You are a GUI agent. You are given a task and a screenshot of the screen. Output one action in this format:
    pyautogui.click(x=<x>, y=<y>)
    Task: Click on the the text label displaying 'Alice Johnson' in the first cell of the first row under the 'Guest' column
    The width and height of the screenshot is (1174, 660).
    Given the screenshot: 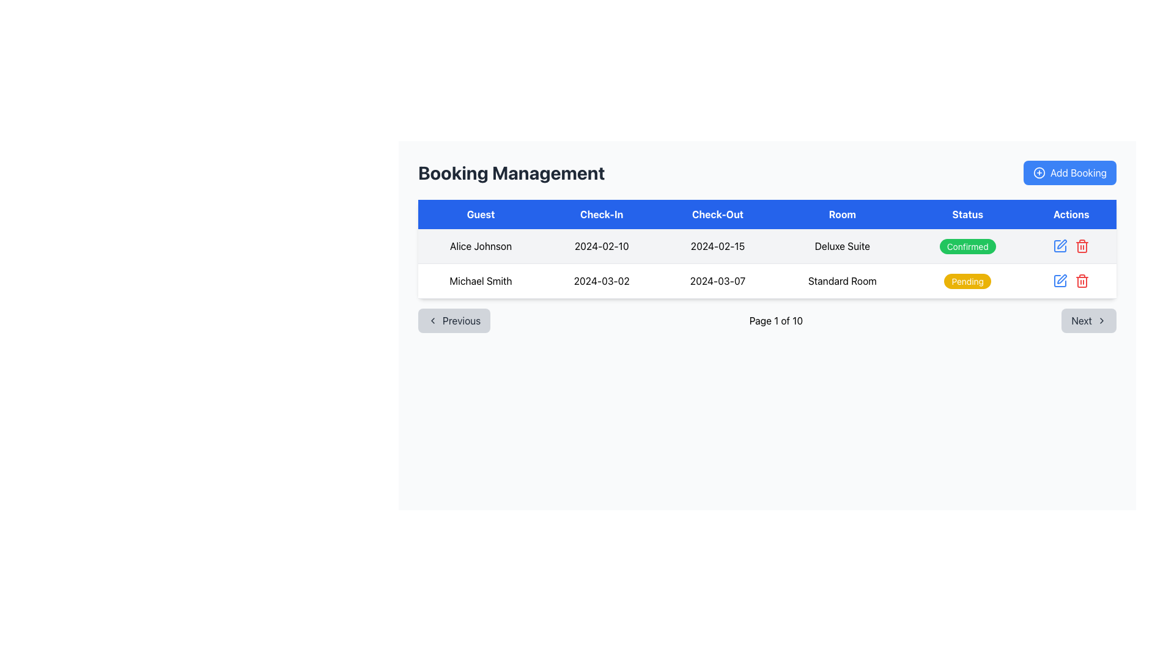 What is the action you would take?
    pyautogui.click(x=480, y=246)
    